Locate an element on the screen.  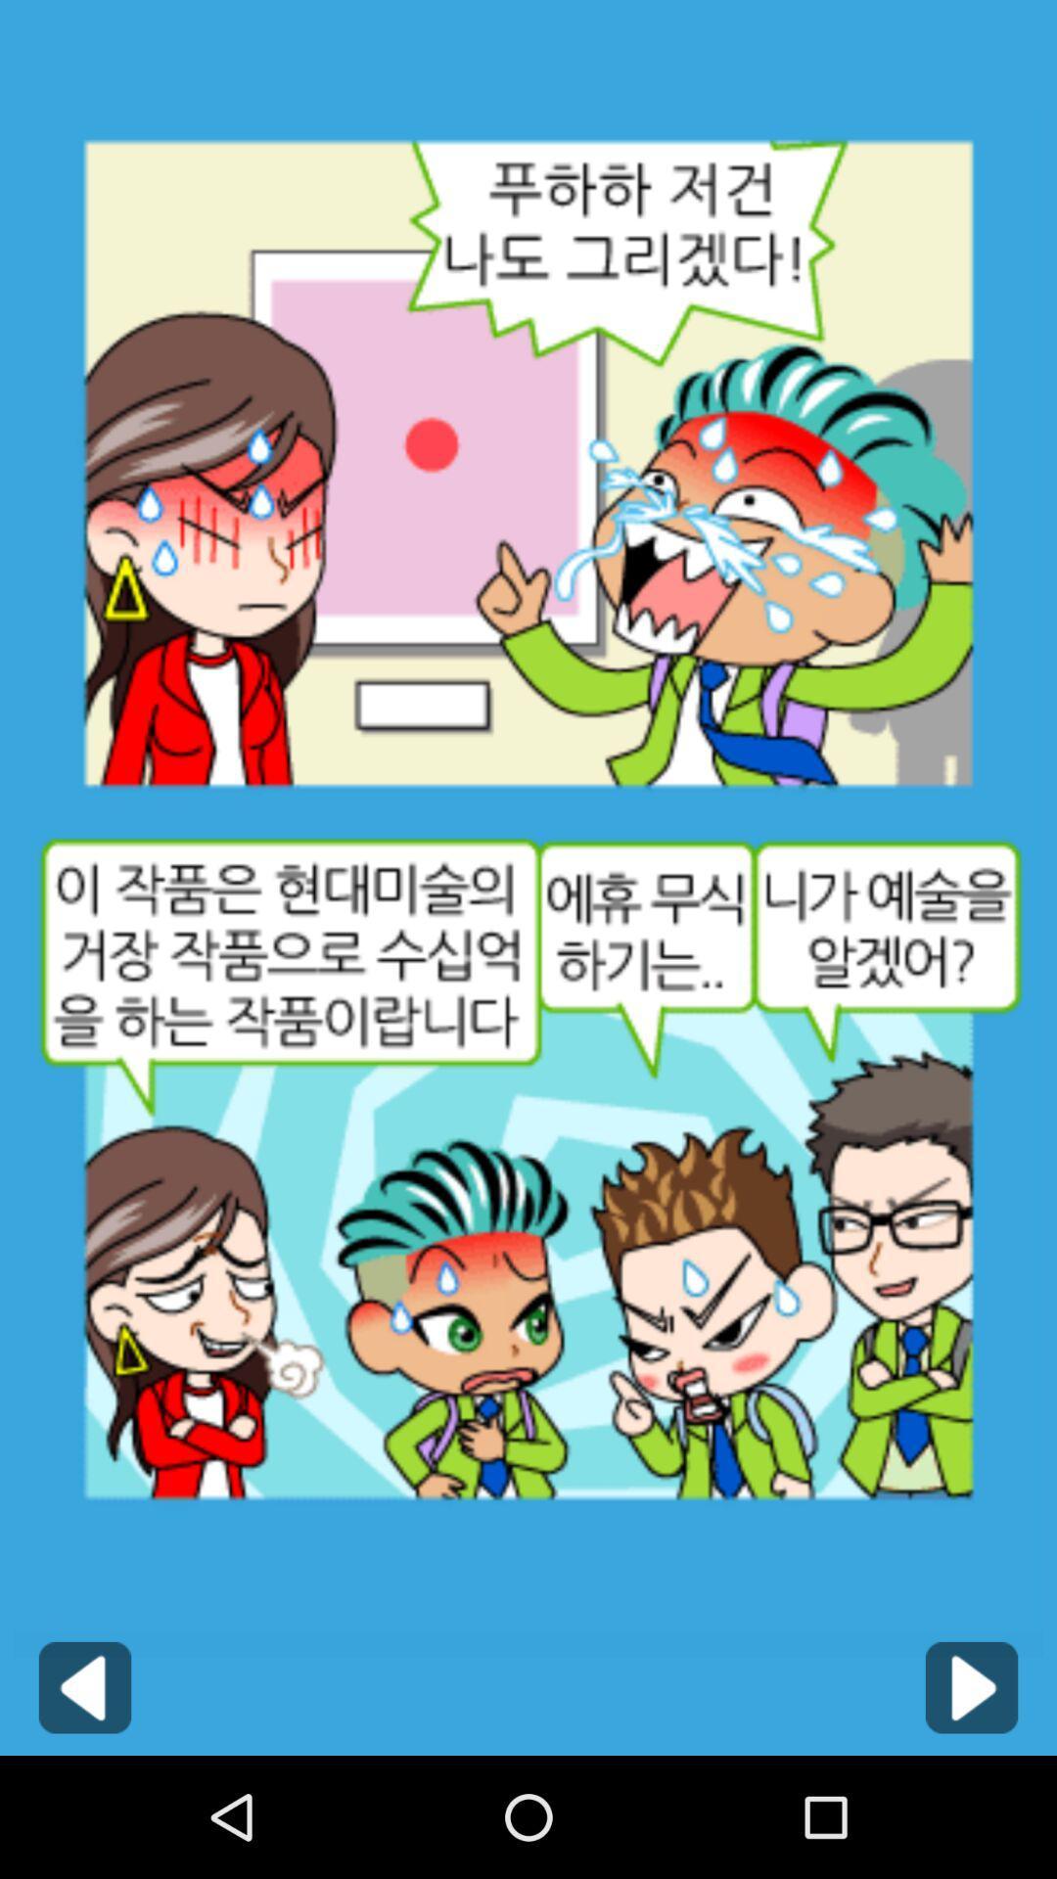
the play icon is located at coordinates (971, 1805).